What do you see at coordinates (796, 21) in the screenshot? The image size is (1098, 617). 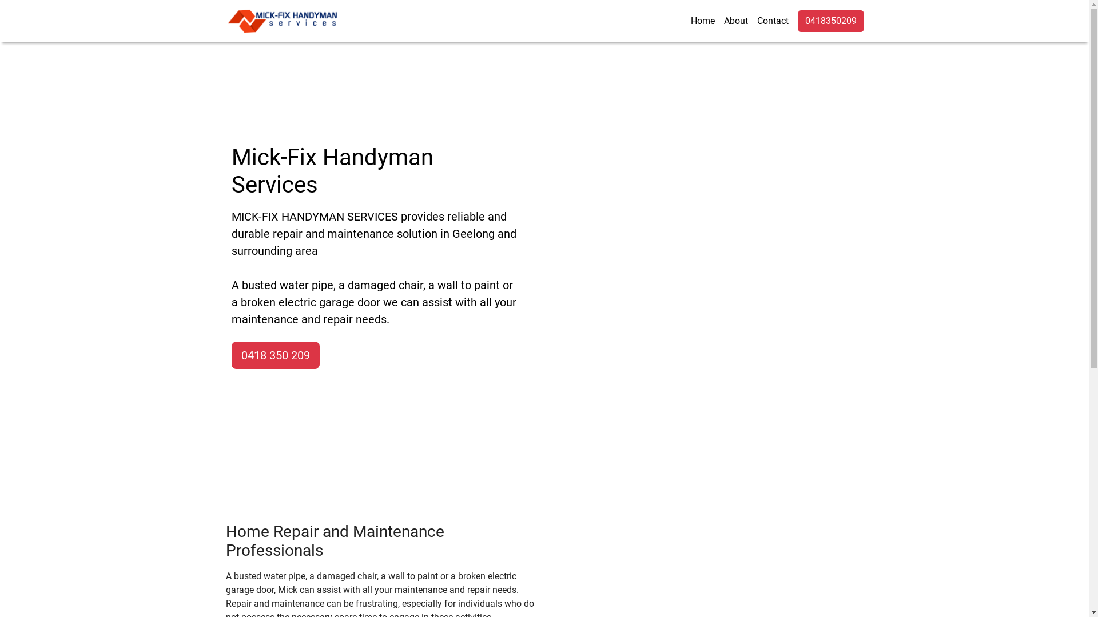 I see `'0418350209'` at bounding box center [796, 21].